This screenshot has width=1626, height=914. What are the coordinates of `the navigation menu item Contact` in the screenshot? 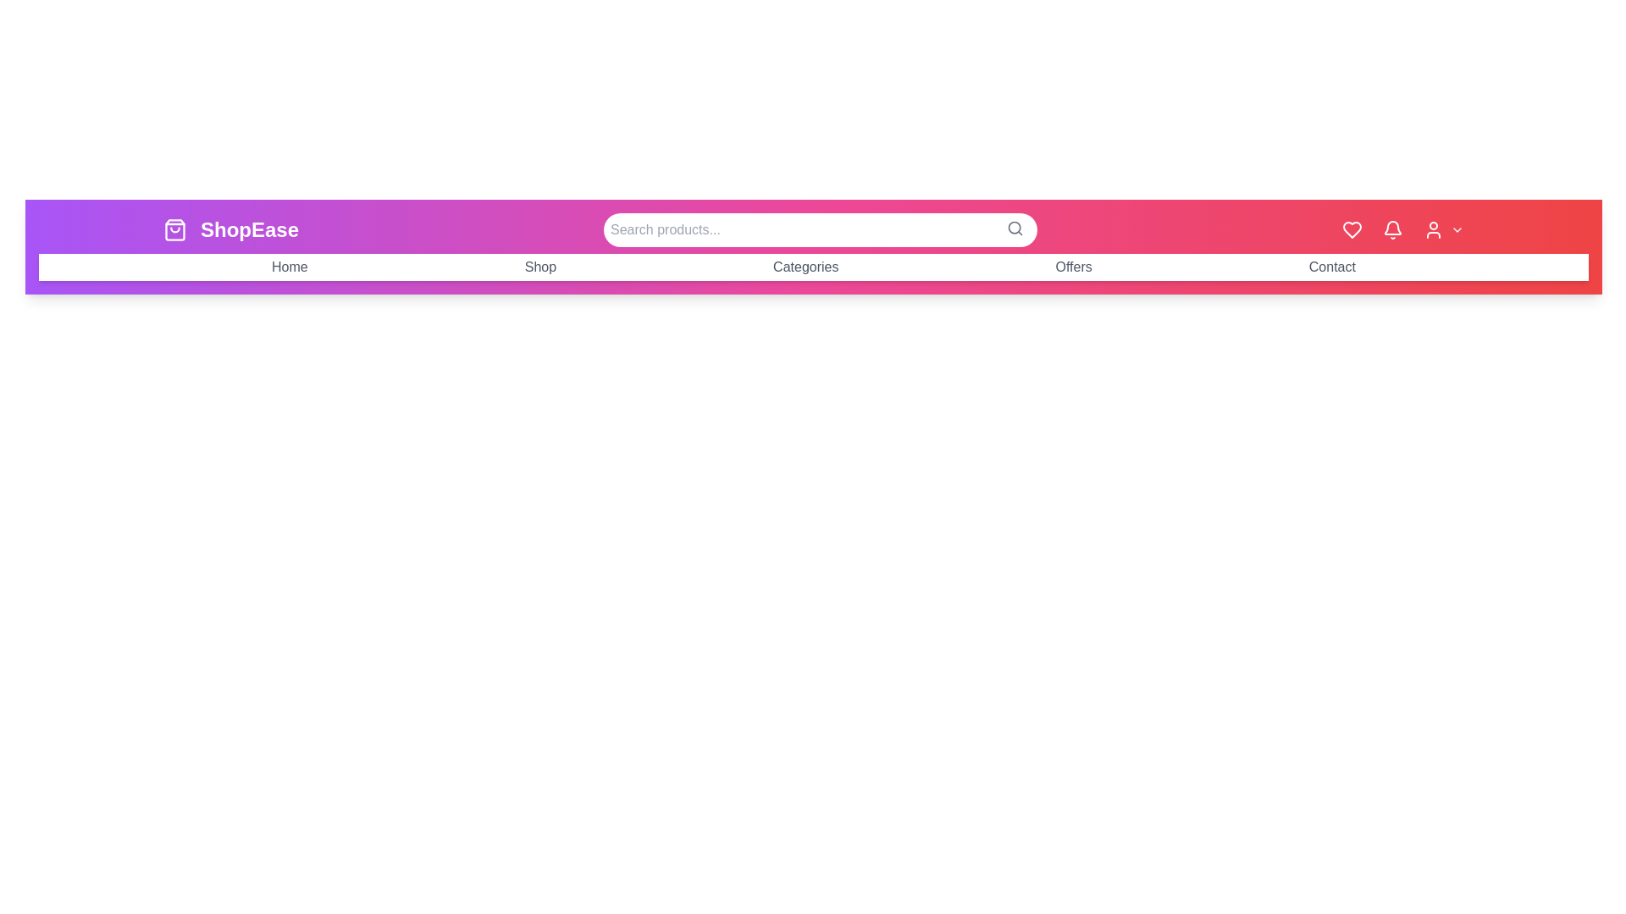 It's located at (1331, 267).